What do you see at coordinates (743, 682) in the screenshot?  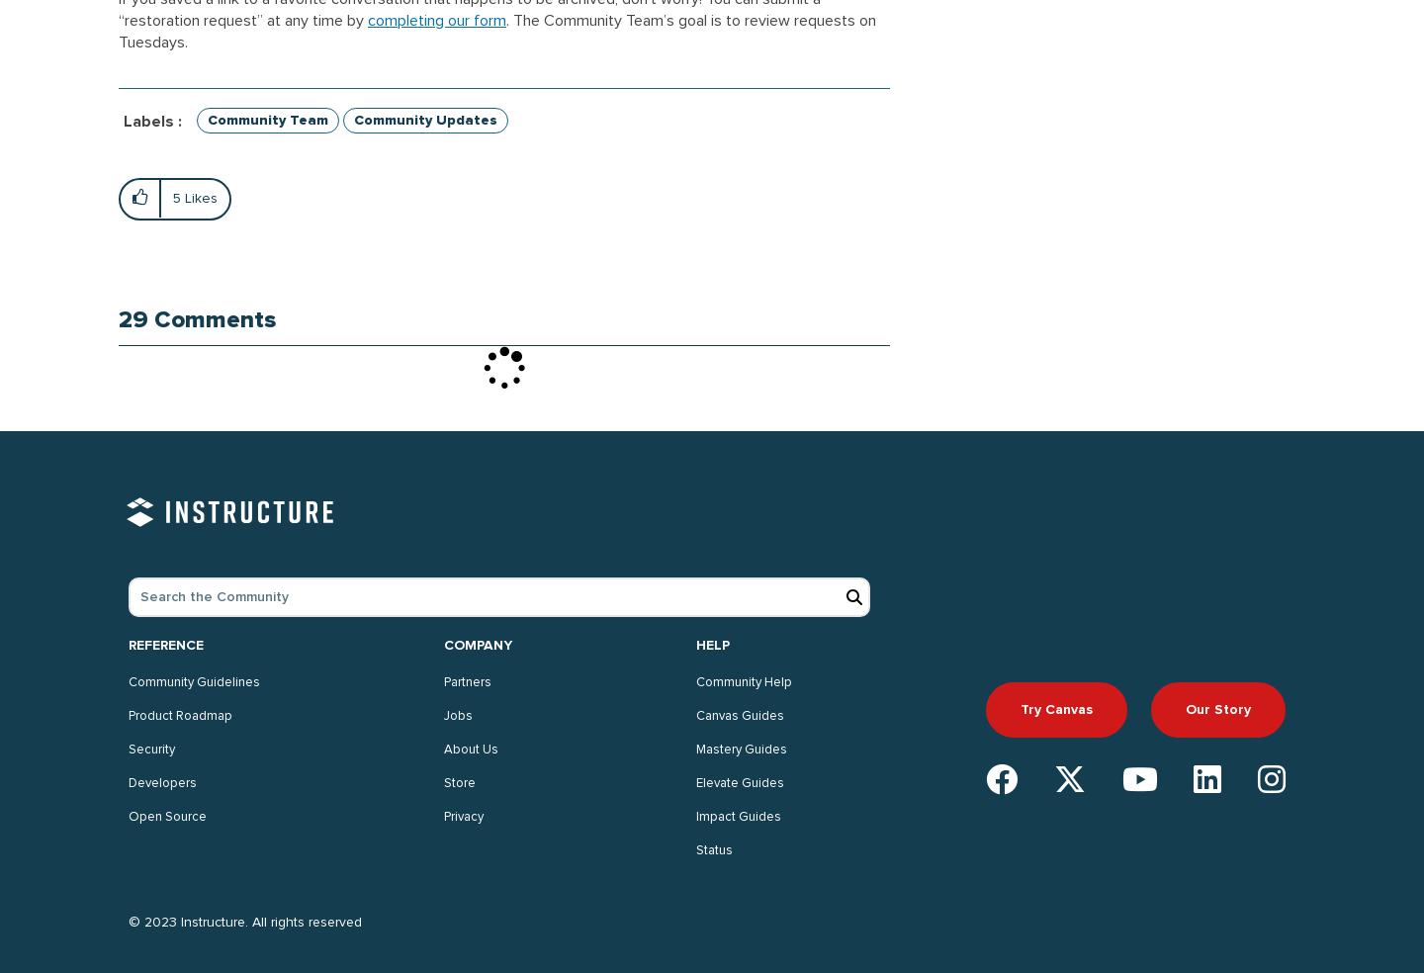 I see `'Community Help'` at bounding box center [743, 682].